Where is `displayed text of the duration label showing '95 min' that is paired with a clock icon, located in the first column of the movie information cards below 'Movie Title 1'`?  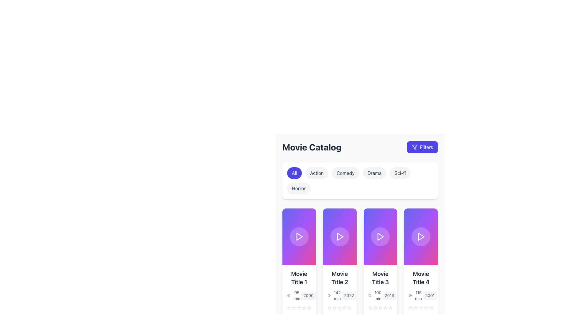
displayed text of the duration label showing '95 min' that is paired with a clock icon, located in the first column of the movie information cards below 'Movie Title 1' is located at coordinates (294, 295).